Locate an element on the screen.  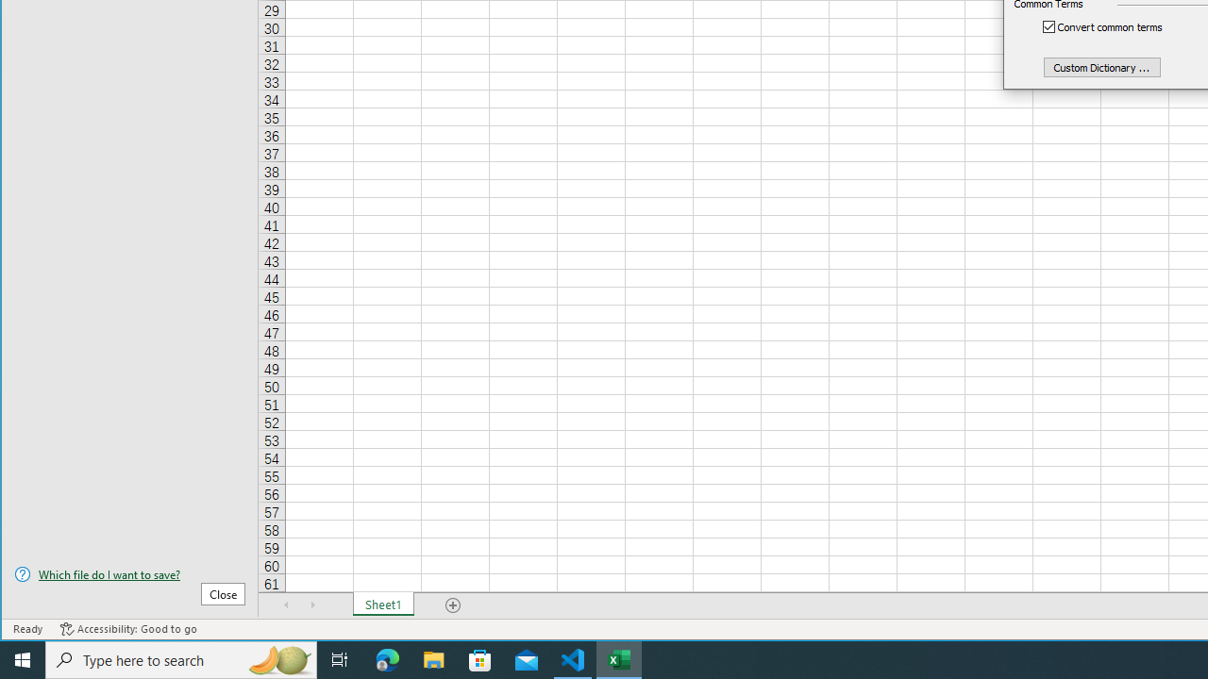
'Task View' is located at coordinates (339, 658).